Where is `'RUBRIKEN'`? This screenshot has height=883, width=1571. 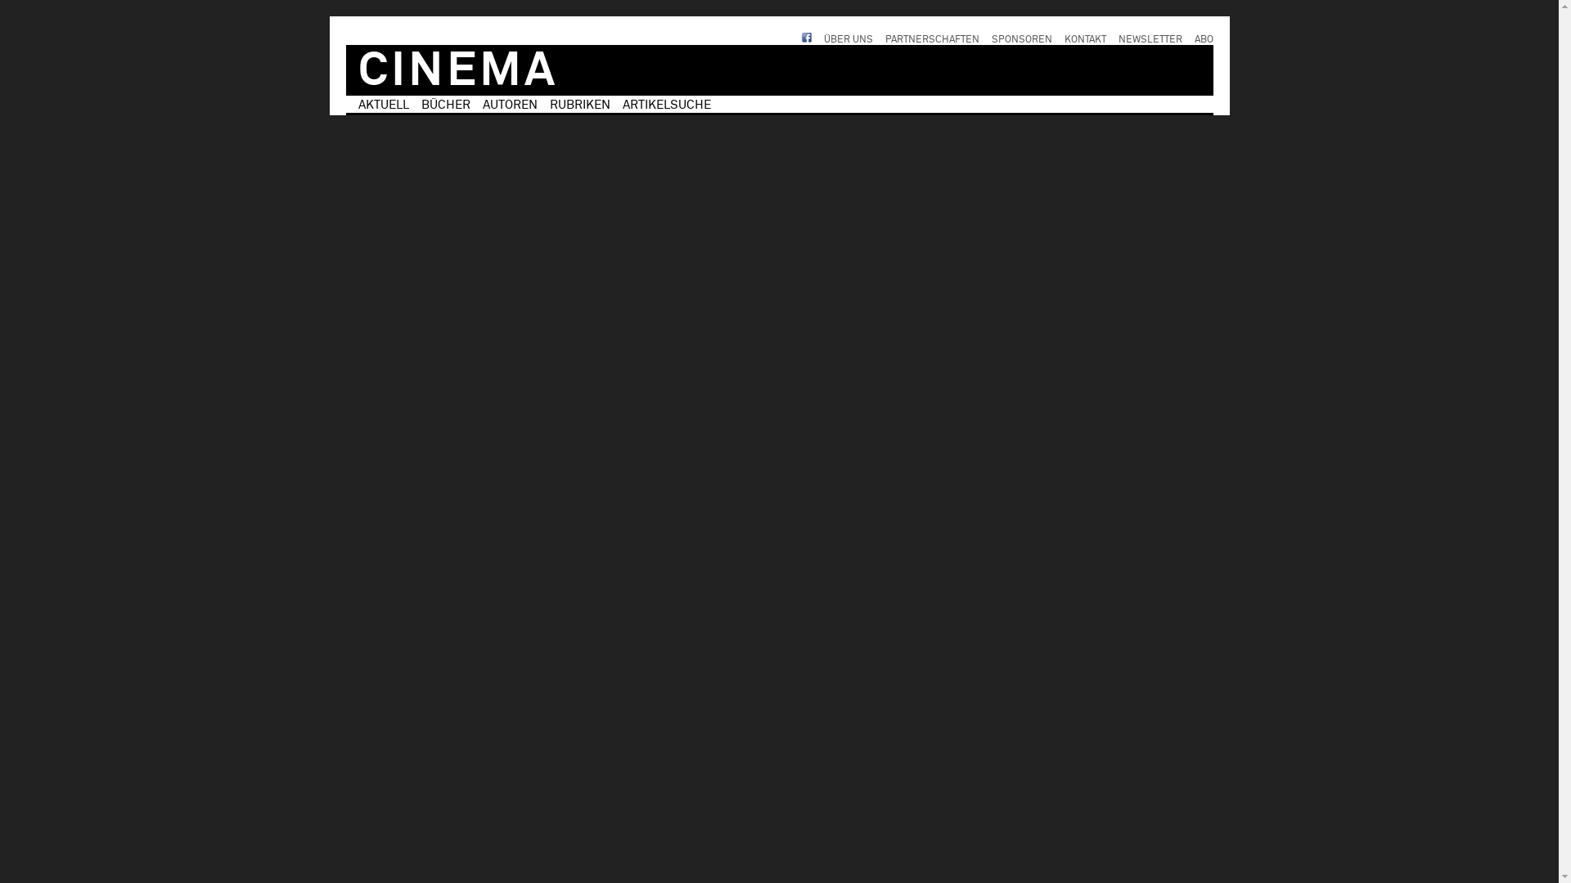 'RUBRIKEN' is located at coordinates (550, 105).